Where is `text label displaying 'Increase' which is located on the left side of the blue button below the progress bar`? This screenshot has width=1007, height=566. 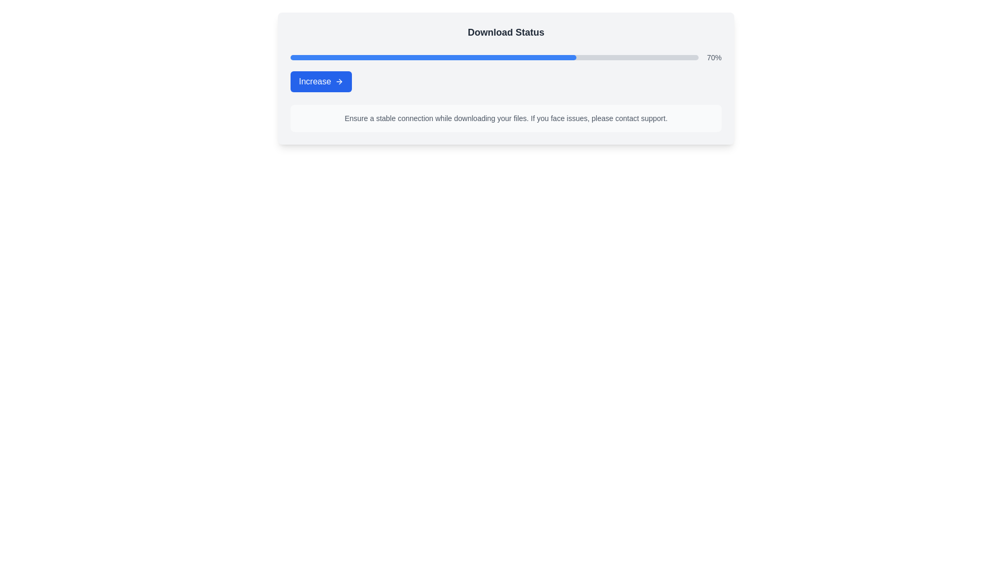
text label displaying 'Increase' which is located on the left side of the blue button below the progress bar is located at coordinates (314, 81).